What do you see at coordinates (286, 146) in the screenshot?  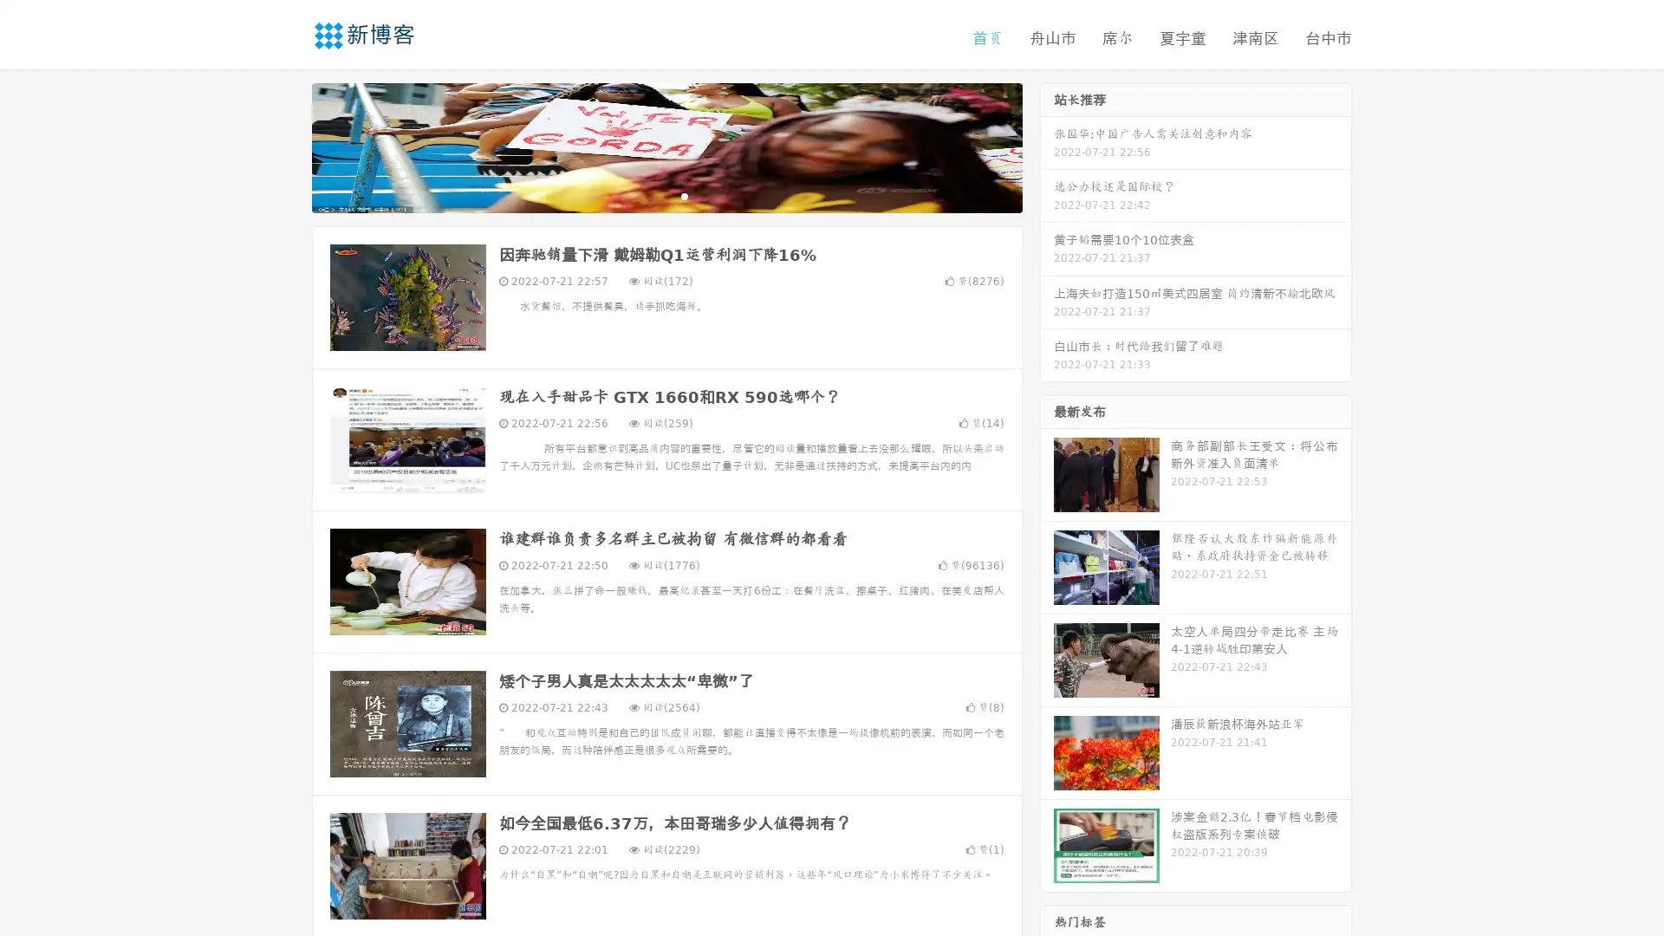 I see `Previous slide` at bounding box center [286, 146].